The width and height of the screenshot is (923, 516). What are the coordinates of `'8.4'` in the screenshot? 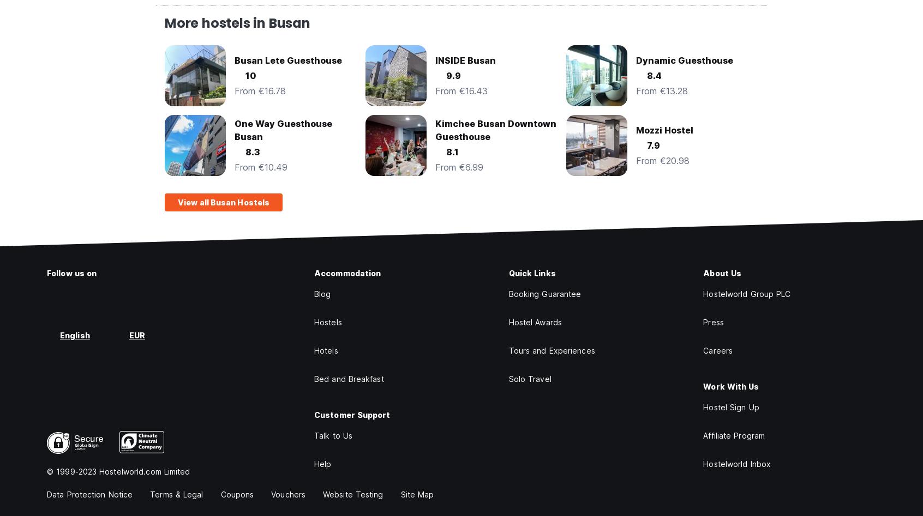 It's located at (646, 75).